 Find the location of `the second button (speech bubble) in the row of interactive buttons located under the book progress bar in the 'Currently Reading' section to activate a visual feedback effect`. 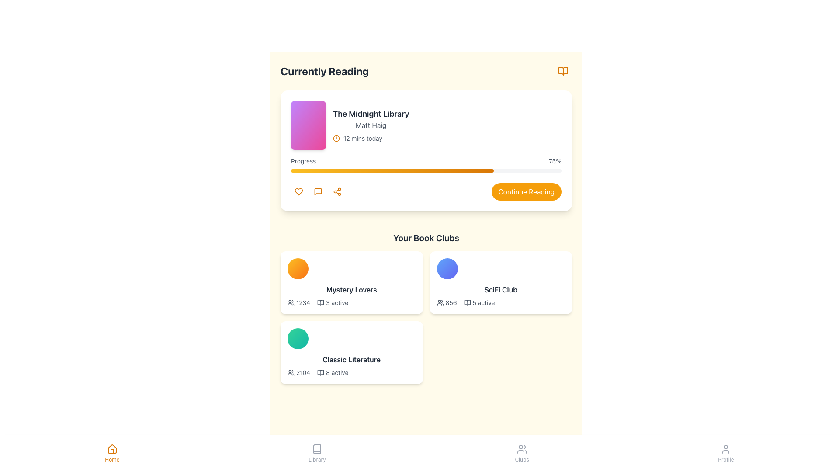

the second button (speech bubble) in the row of interactive buttons located under the book progress bar in the 'Currently Reading' section to activate a visual feedback effect is located at coordinates (318, 191).